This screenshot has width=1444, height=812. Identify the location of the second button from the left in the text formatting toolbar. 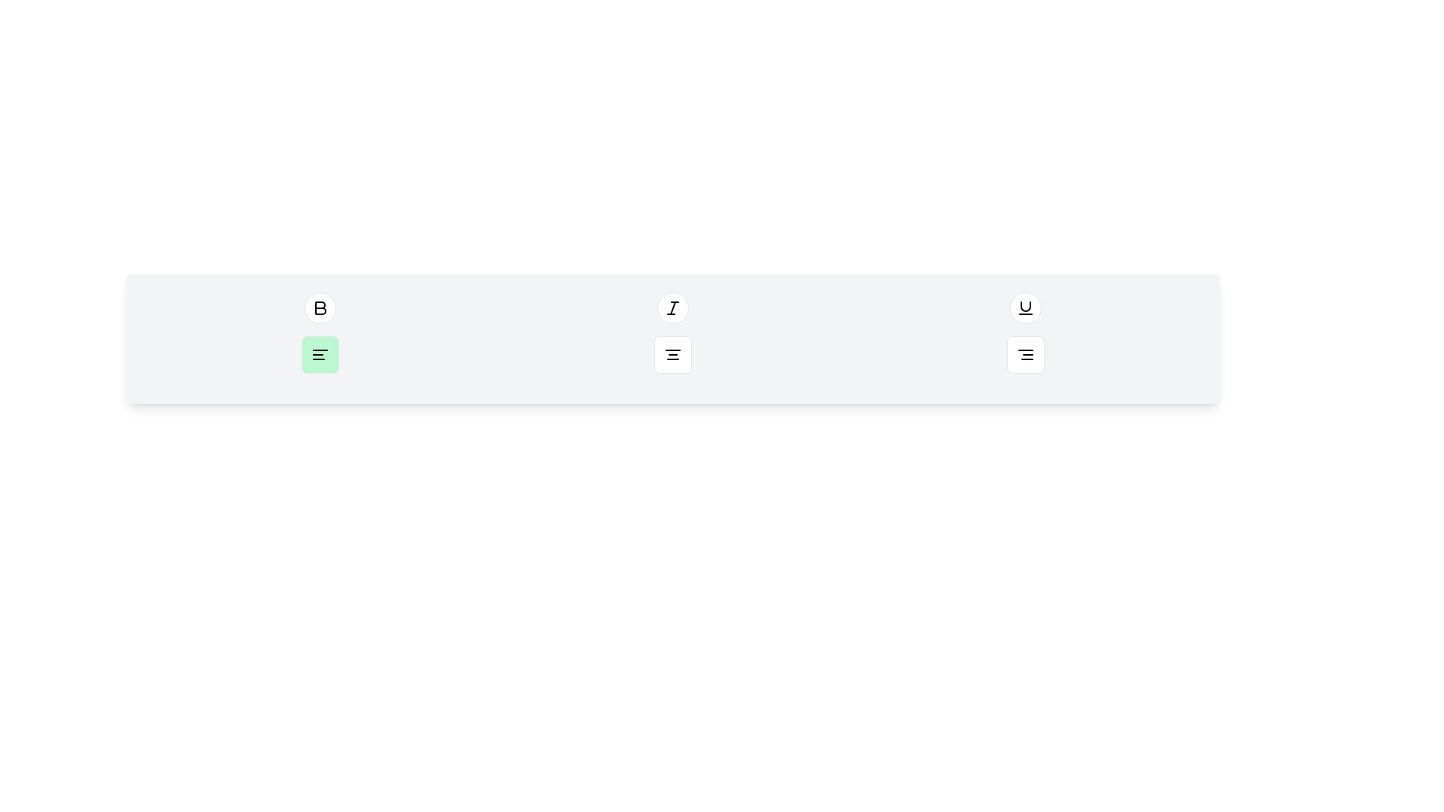
(672, 307).